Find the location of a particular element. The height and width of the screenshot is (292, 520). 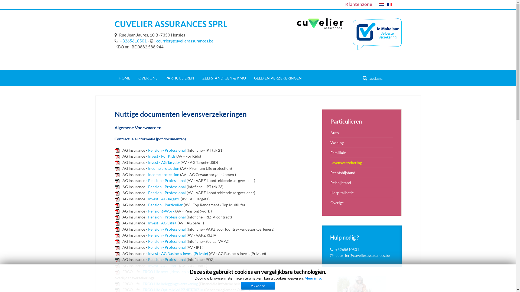

'Pension - Professional' is located at coordinates (148, 180).